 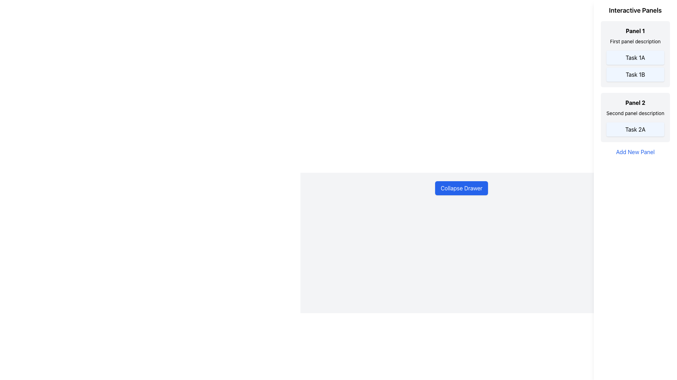 I want to click on the static text label that serves as a description for 'Panel 1', positioned below the panel title and above the list items 'Task 1A' and 'Task 1B', so click(x=635, y=42).